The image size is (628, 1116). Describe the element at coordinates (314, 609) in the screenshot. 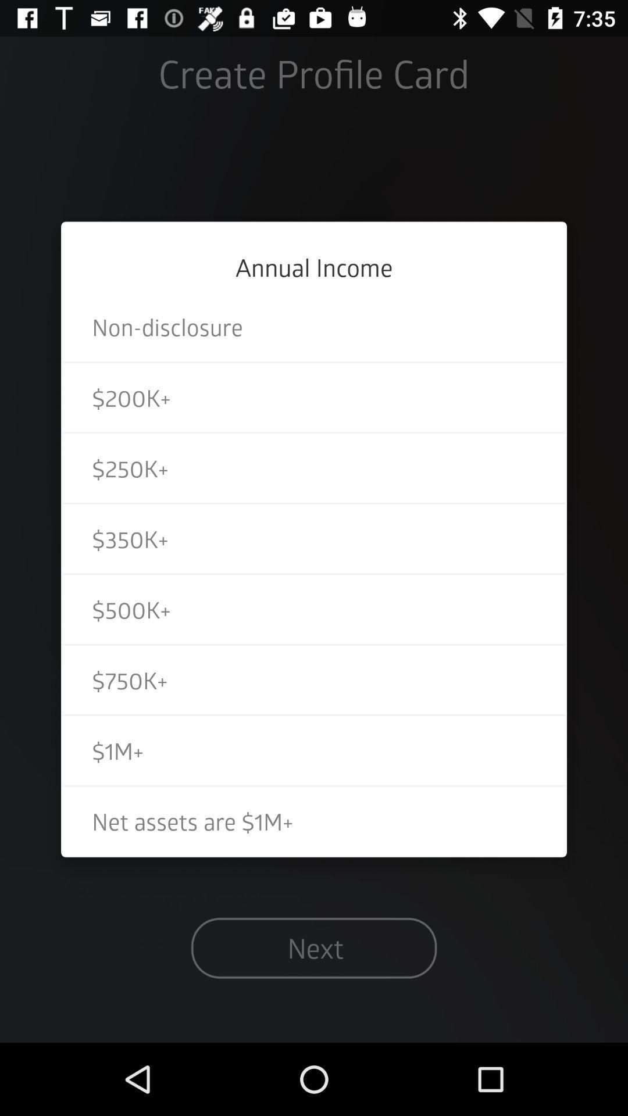

I see `the $500k+` at that location.